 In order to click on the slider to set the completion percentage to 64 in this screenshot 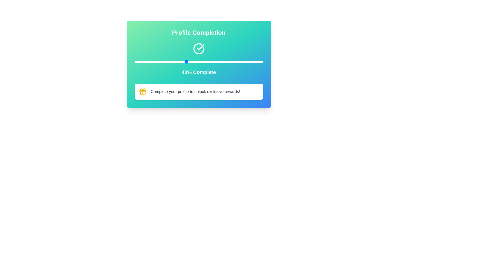, I will do `click(217, 61)`.